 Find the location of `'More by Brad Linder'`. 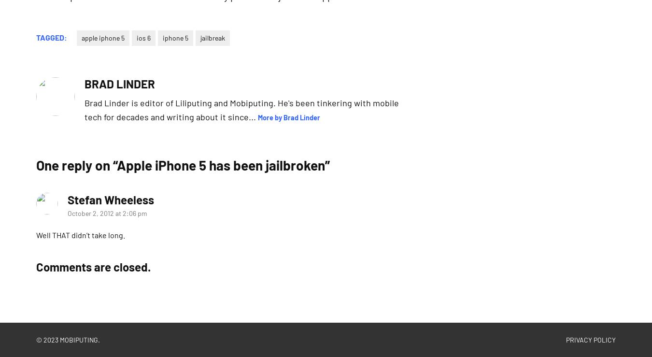

'More by Brad Linder' is located at coordinates (289, 117).